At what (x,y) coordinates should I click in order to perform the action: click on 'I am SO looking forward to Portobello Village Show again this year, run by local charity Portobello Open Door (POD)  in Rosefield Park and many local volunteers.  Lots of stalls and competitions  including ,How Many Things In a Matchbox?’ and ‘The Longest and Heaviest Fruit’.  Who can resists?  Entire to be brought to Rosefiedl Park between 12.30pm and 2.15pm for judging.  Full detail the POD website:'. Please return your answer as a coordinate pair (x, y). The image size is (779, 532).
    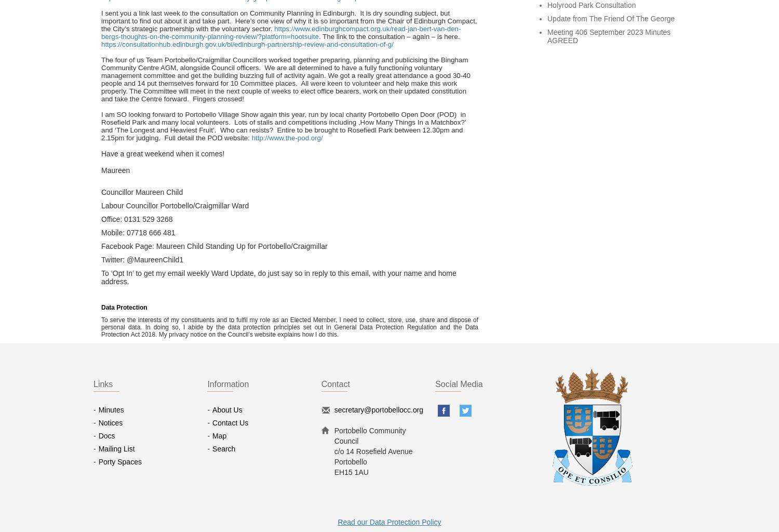
    Looking at the image, I should click on (284, 125).